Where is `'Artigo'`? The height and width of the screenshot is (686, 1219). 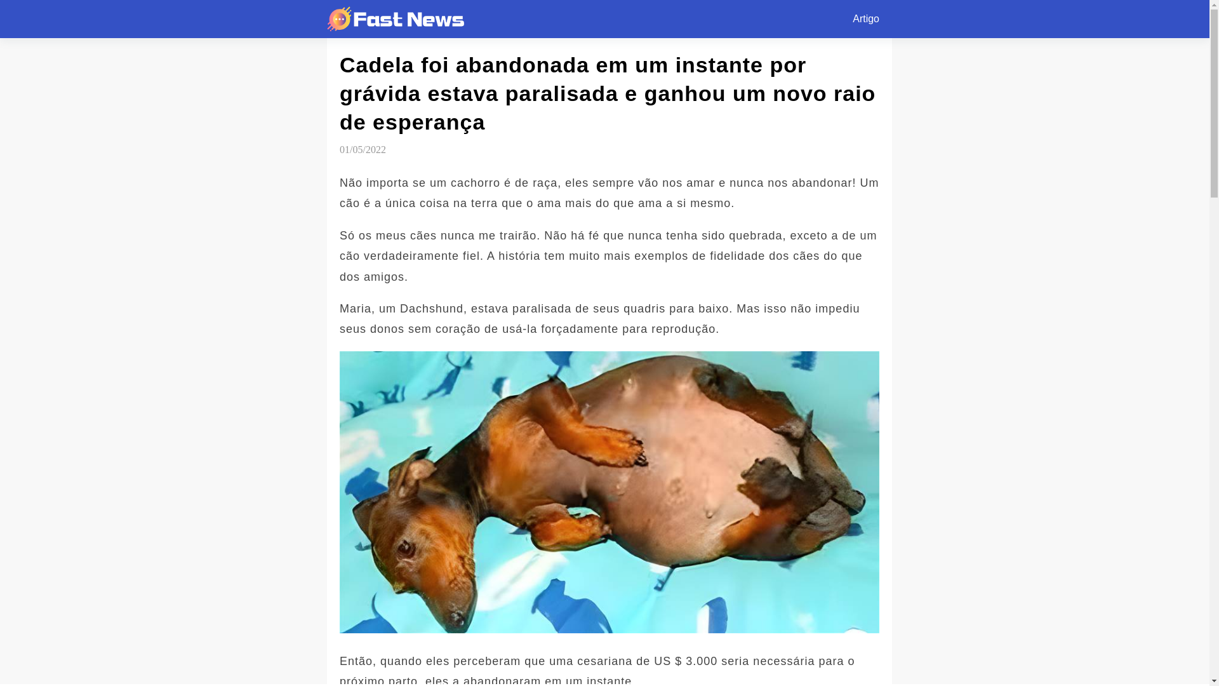
'Artigo' is located at coordinates (865, 19).